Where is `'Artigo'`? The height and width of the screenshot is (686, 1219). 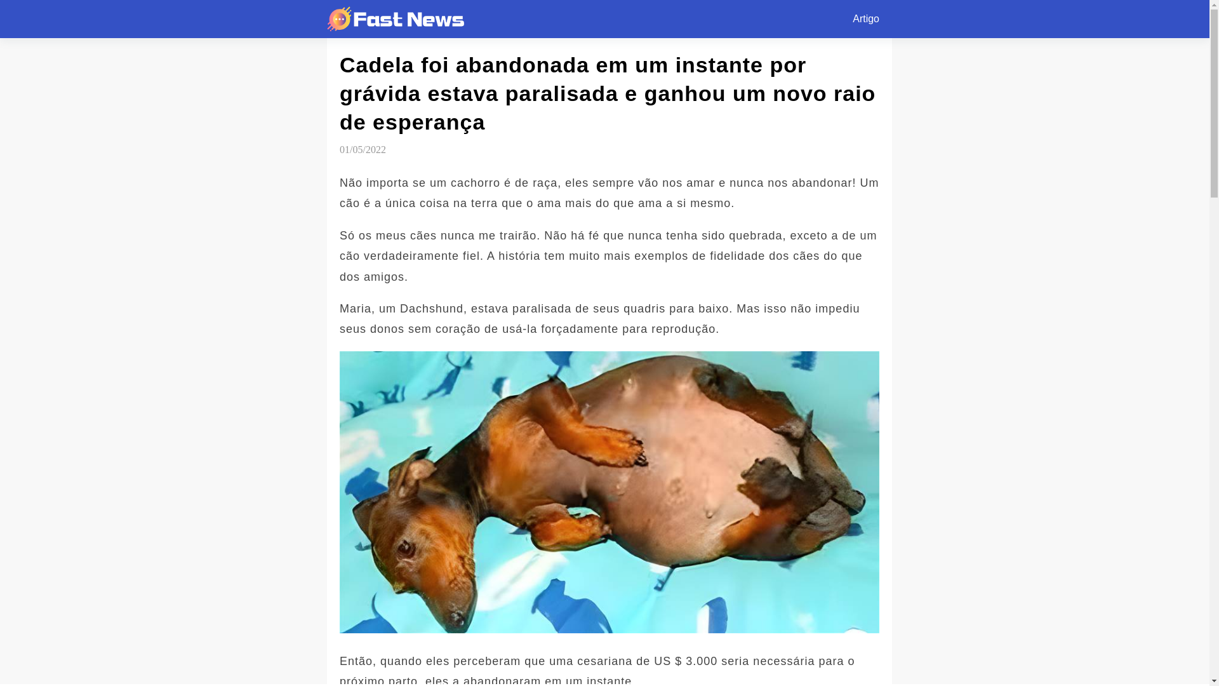
'Artigo' is located at coordinates (865, 19).